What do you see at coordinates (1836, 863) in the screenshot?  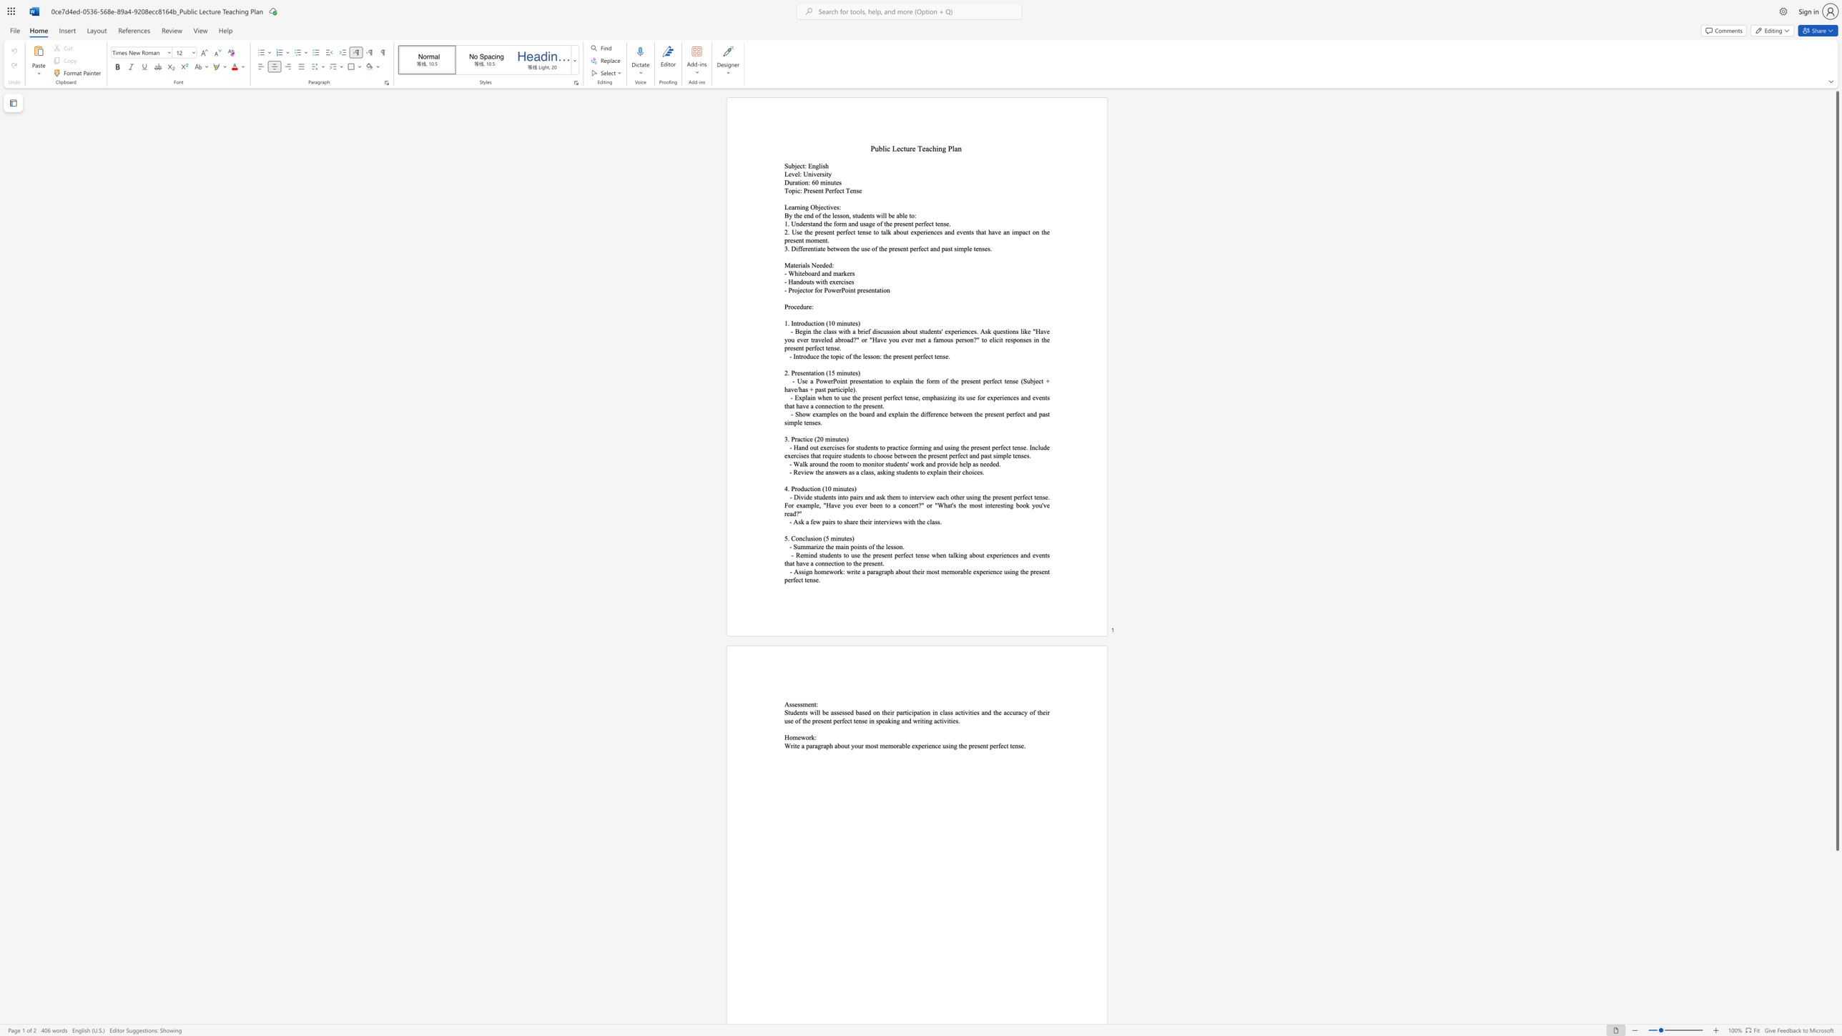 I see `the scrollbar on the right to move the page downward` at bounding box center [1836, 863].